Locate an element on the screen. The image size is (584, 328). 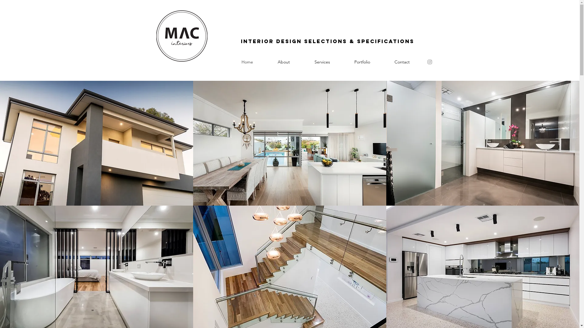
'Home' is located at coordinates (247, 62).